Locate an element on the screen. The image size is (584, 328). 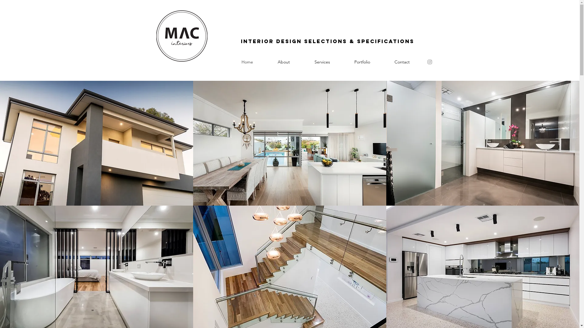
'Home' is located at coordinates (247, 62).